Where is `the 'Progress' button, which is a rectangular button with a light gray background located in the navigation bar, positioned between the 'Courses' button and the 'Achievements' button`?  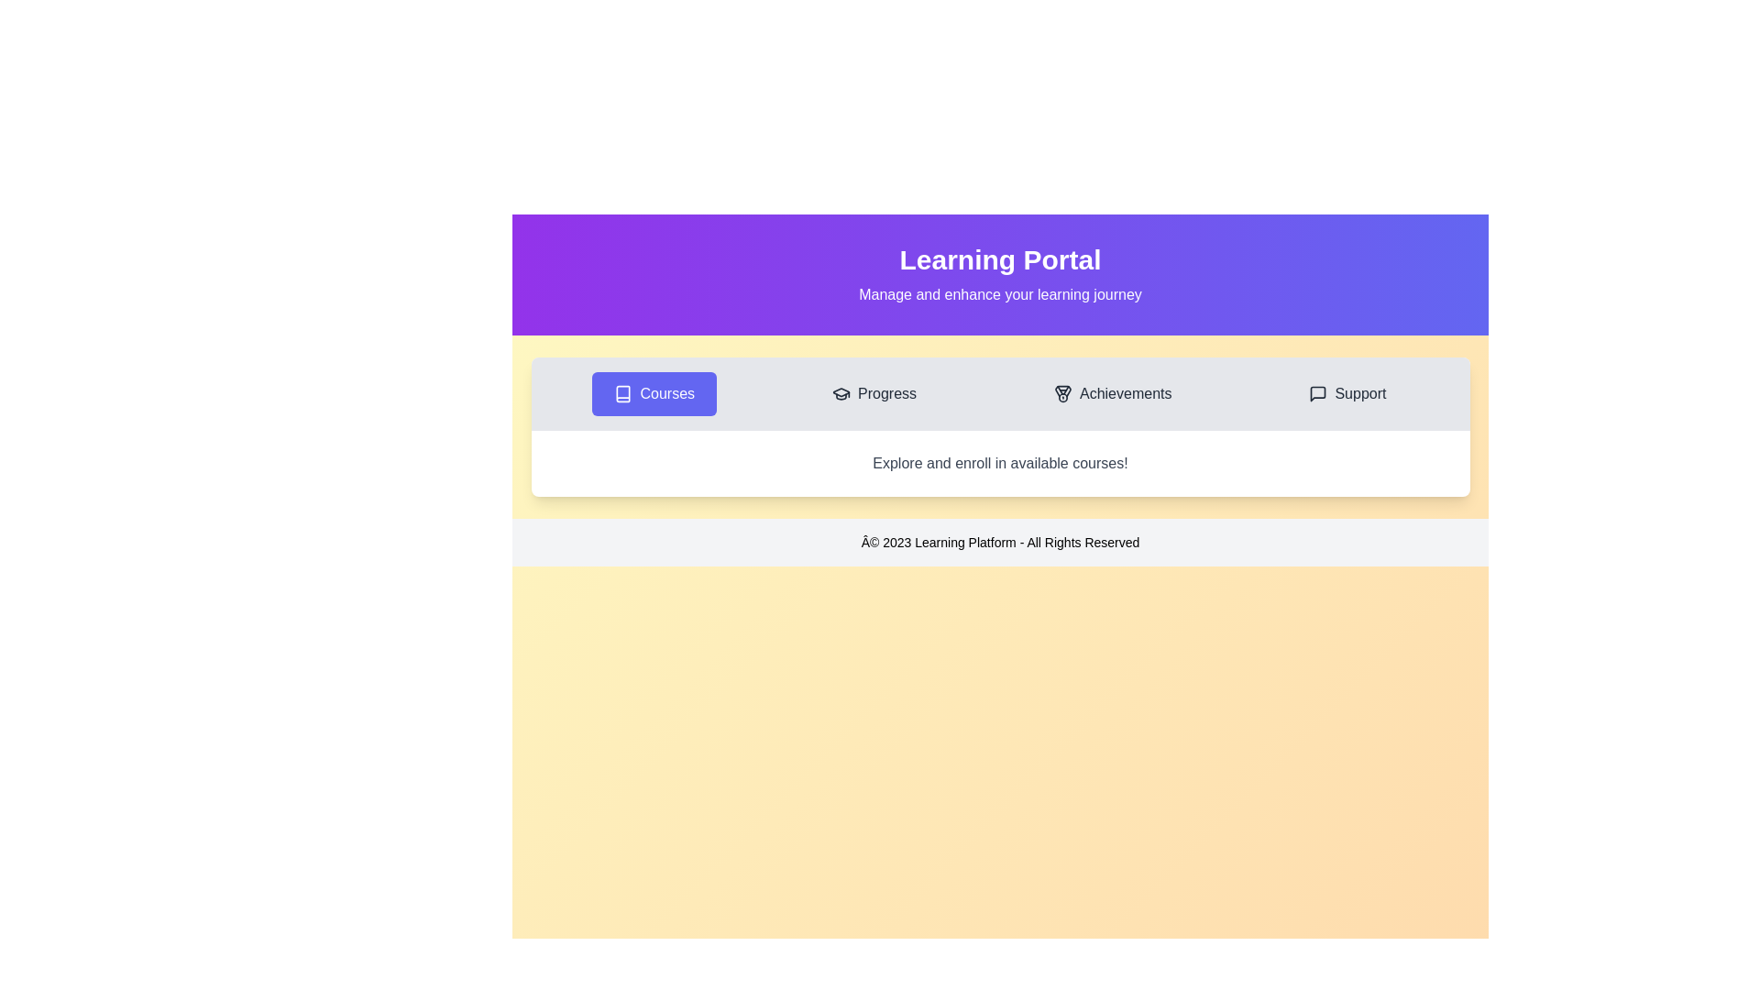
the 'Progress' button, which is a rectangular button with a light gray background located in the navigation bar, positioned between the 'Courses' button and the 'Achievements' button is located at coordinates (874, 392).